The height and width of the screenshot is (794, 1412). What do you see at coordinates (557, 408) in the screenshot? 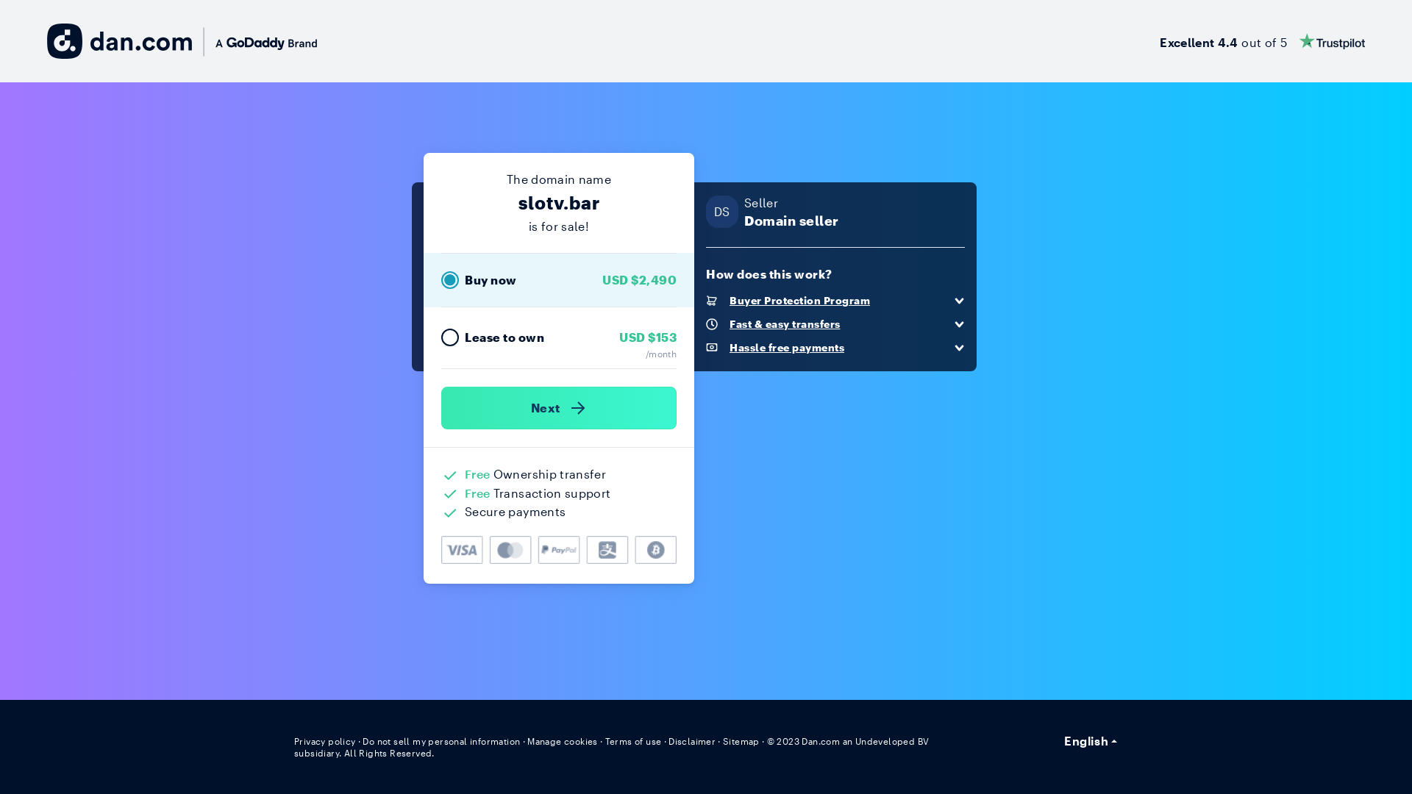
I see `'Next` at bounding box center [557, 408].